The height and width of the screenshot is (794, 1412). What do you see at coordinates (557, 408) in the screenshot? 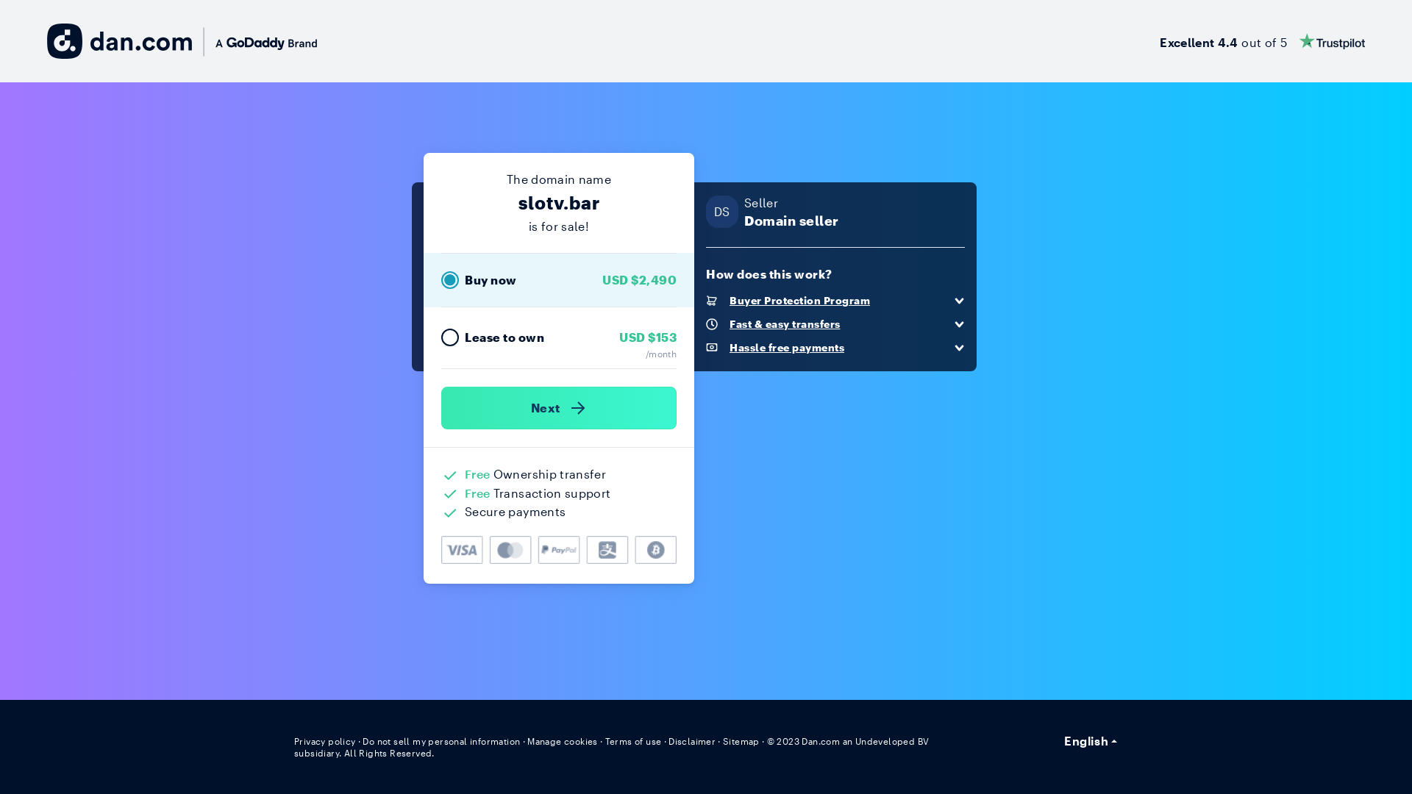
I see `'Next` at bounding box center [557, 408].